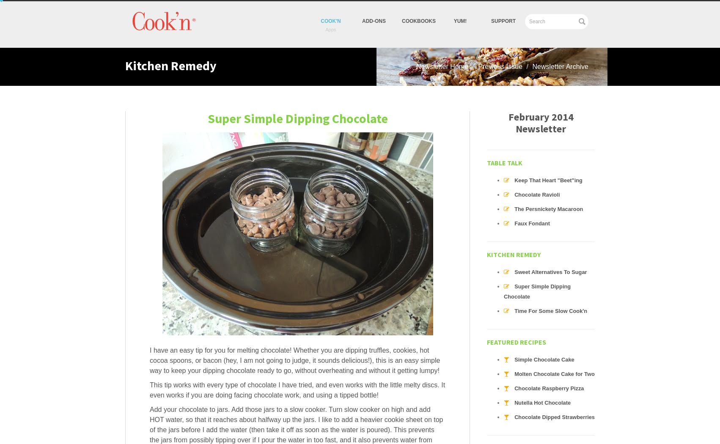  Describe the element at coordinates (500, 66) in the screenshot. I see `'Previous Issue'` at that location.